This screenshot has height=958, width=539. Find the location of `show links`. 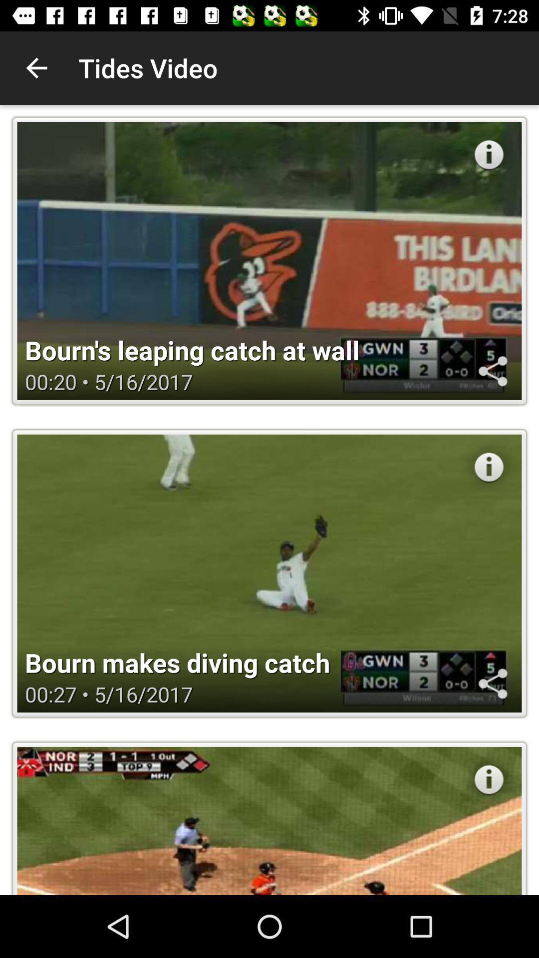

show links is located at coordinates (492, 371).